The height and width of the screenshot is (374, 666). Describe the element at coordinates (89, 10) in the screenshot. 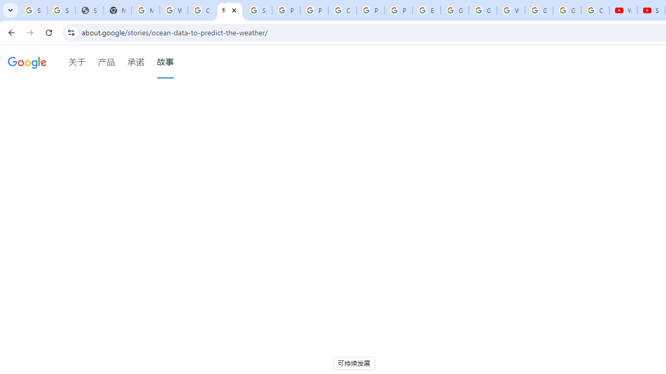

I see `'Sign In - USA TODAY'` at that location.